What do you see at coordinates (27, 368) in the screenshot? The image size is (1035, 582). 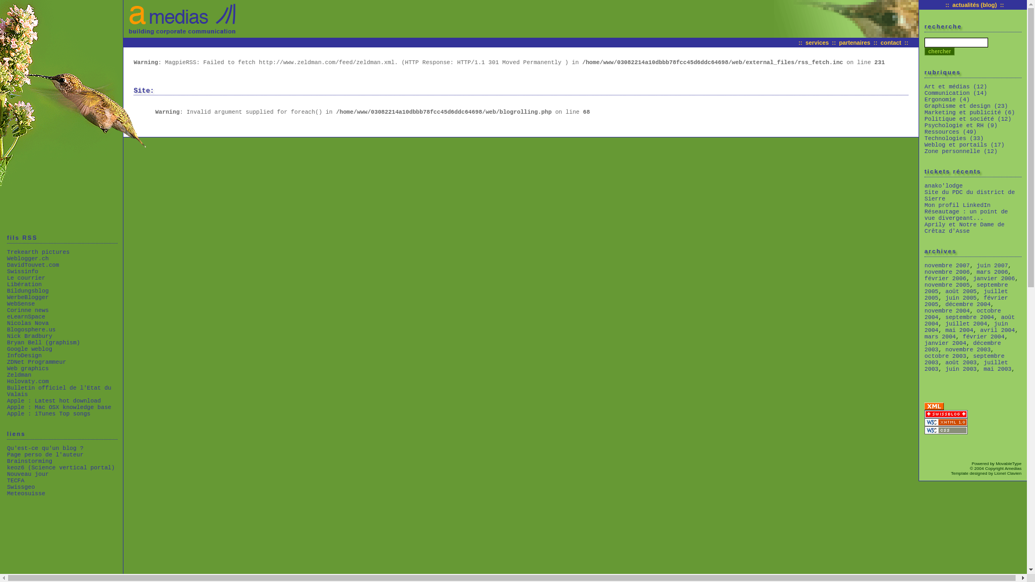 I see `'Web graphics'` at bounding box center [27, 368].